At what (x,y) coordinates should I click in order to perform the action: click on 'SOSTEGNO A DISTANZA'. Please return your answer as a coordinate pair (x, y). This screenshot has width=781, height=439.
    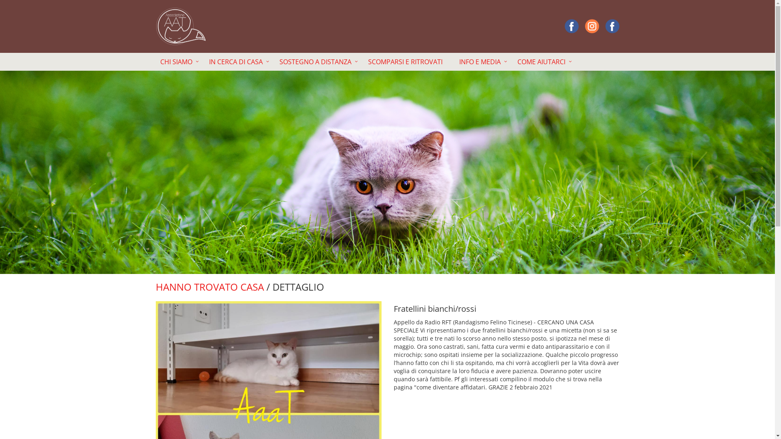
    Looking at the image, I should click on (318, 61).